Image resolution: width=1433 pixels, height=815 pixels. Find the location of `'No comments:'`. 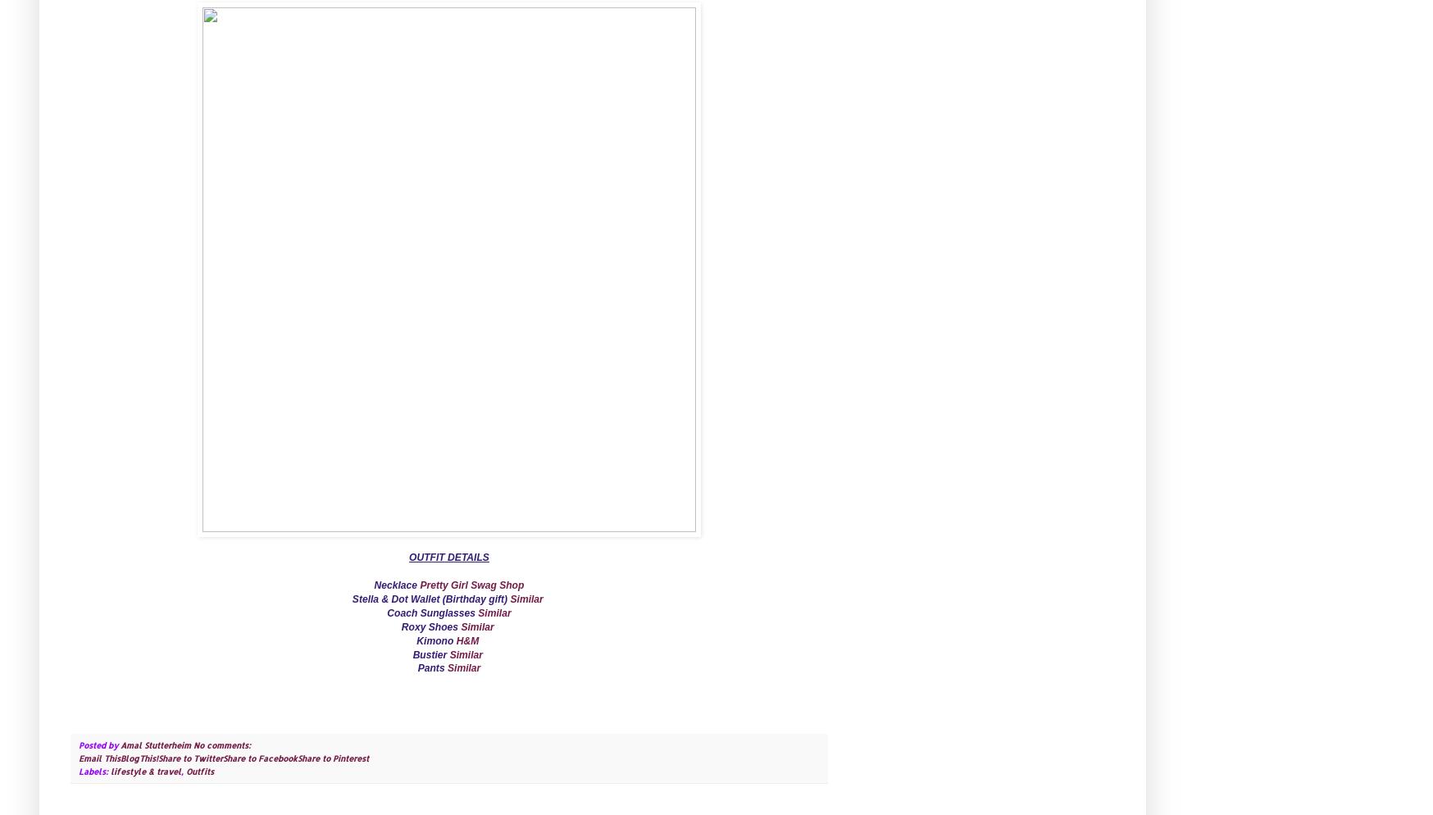

'No comments:' is located at coordinates (223, 744).